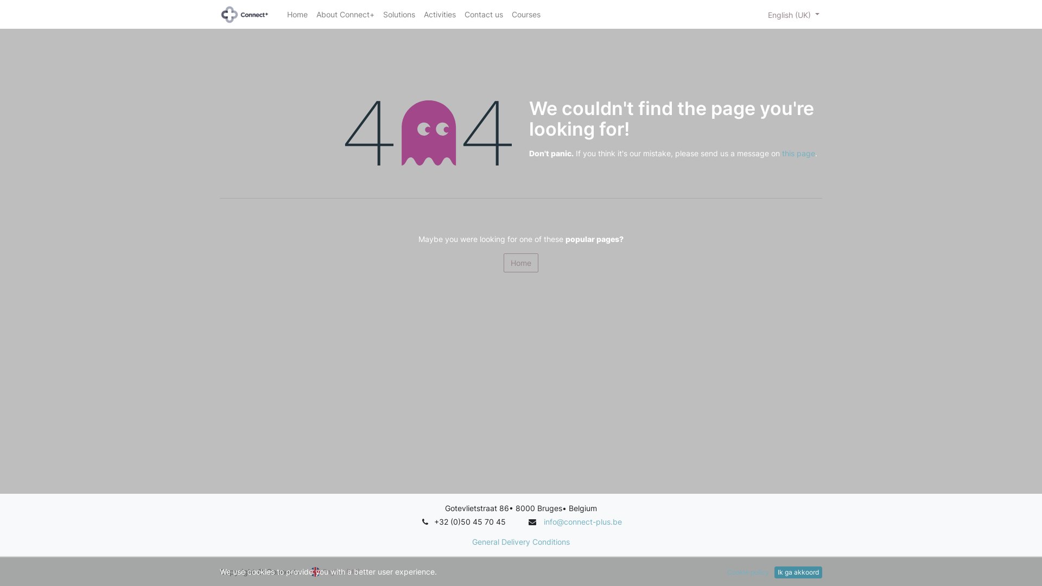  What do you see at coordinates (793, 14) in the screenshot?
I see `'English (UK)'` at bounding box center [793, 14].